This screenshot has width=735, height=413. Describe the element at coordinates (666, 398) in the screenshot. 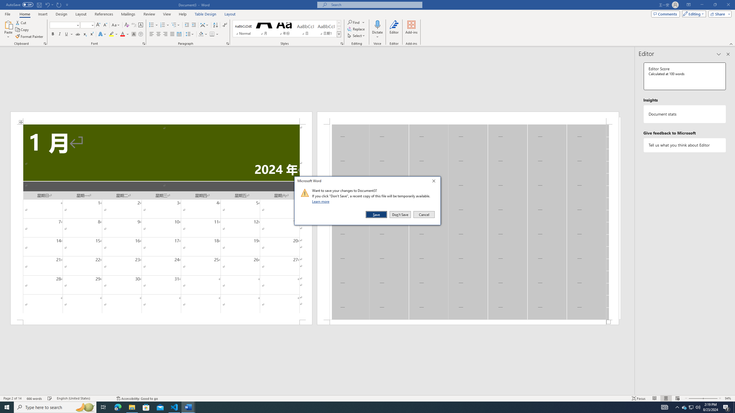

I see `'Print Layout'` at that location.